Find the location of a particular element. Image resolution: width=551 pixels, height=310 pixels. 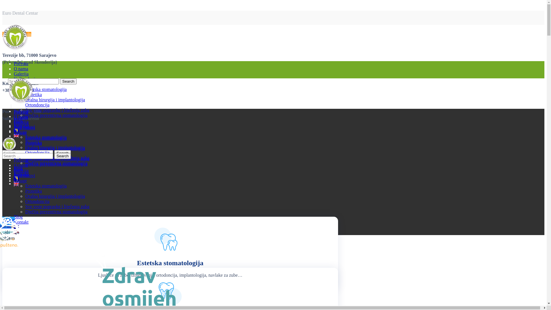

'Estetska stomatologija' is located at coordinates (45, 137).